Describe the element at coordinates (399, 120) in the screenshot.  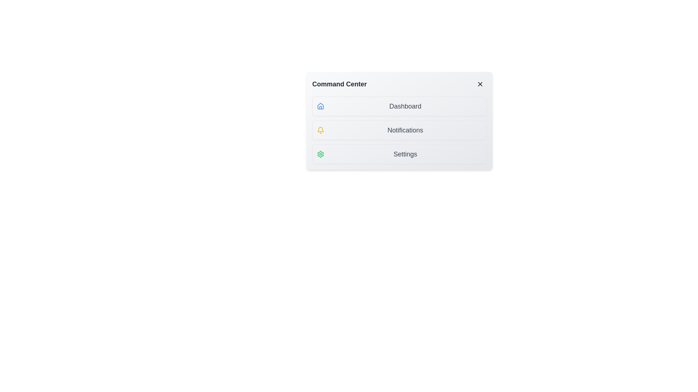
I see `the menu box that presents quick access options for functionalities like navigating to the dashboard, viewing notifications, and accessing settings to potentially reveal more details` at that location.